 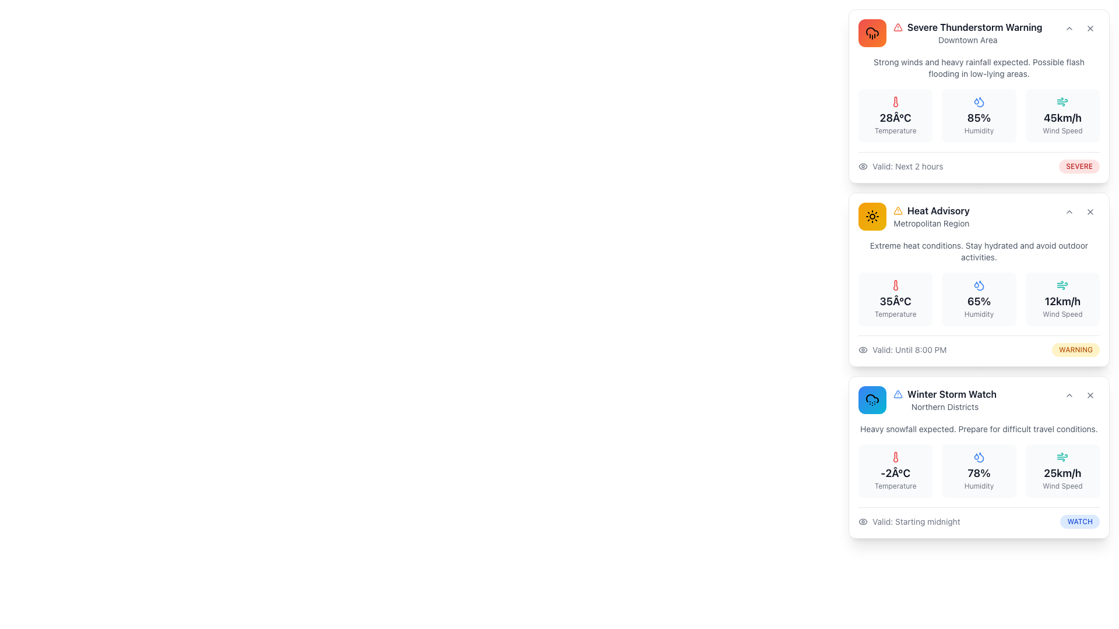 What do you see at coordinates (979, 471) in the screenshot?
I see `the grid-based informational display component that shows weather information (temperature, humidity, wind speed) within the 'Winter Storm Watch' card` at bounding box center [979, 471].